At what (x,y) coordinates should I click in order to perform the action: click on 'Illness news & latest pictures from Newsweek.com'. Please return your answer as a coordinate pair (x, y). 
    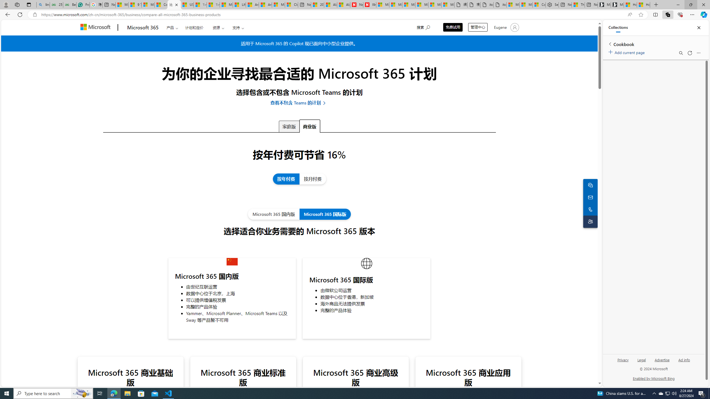
    Looking at the image, I should click on (369, 4).